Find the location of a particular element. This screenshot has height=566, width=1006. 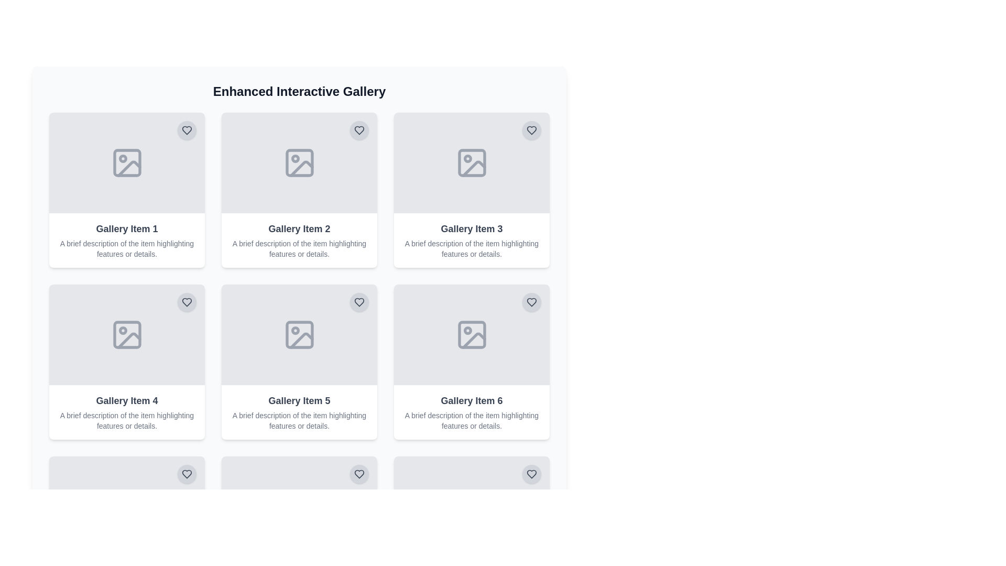

properties of the image placeholder icon located in the first gallery card, which is centered above the text 'Gallery Item 1' is located at coordinates (126, 163).